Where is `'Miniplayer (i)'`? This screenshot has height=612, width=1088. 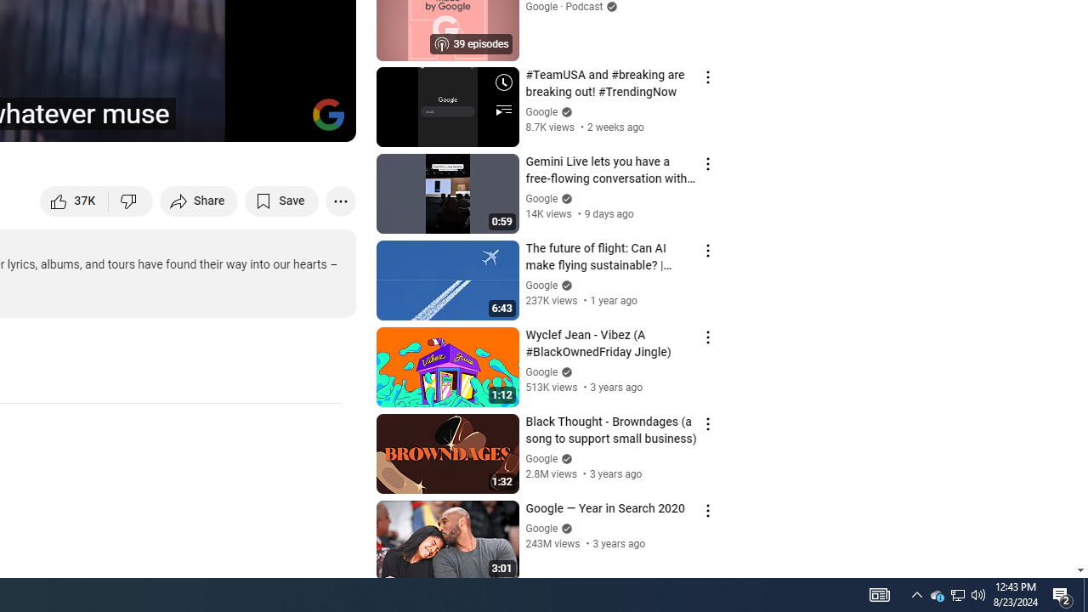
'Miniplayer (i)' is located at coordinates (242, 120).